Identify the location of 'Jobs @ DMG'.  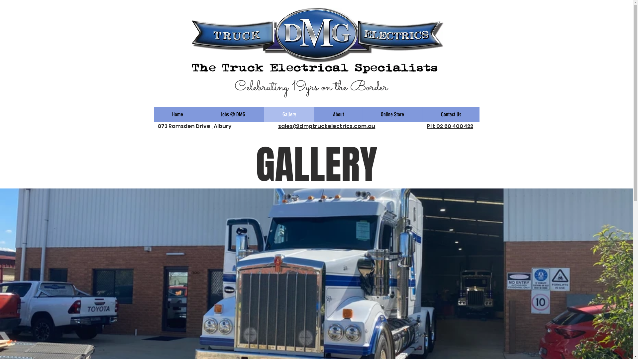
(232, 114).